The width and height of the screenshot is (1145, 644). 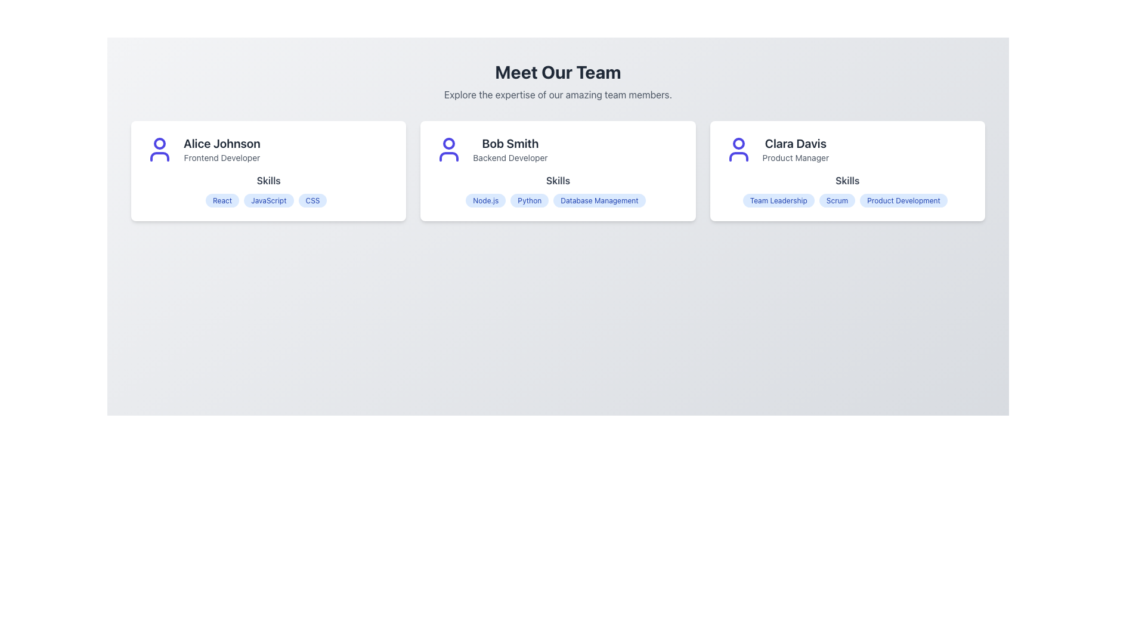 What do you see at coordinates (796, 157) in the screenshot?
I see `the text label indicating the job title of team member 'Clara Davis', which is positioned below her name and above the 'Skills' label` at bounding box center [796, 157].